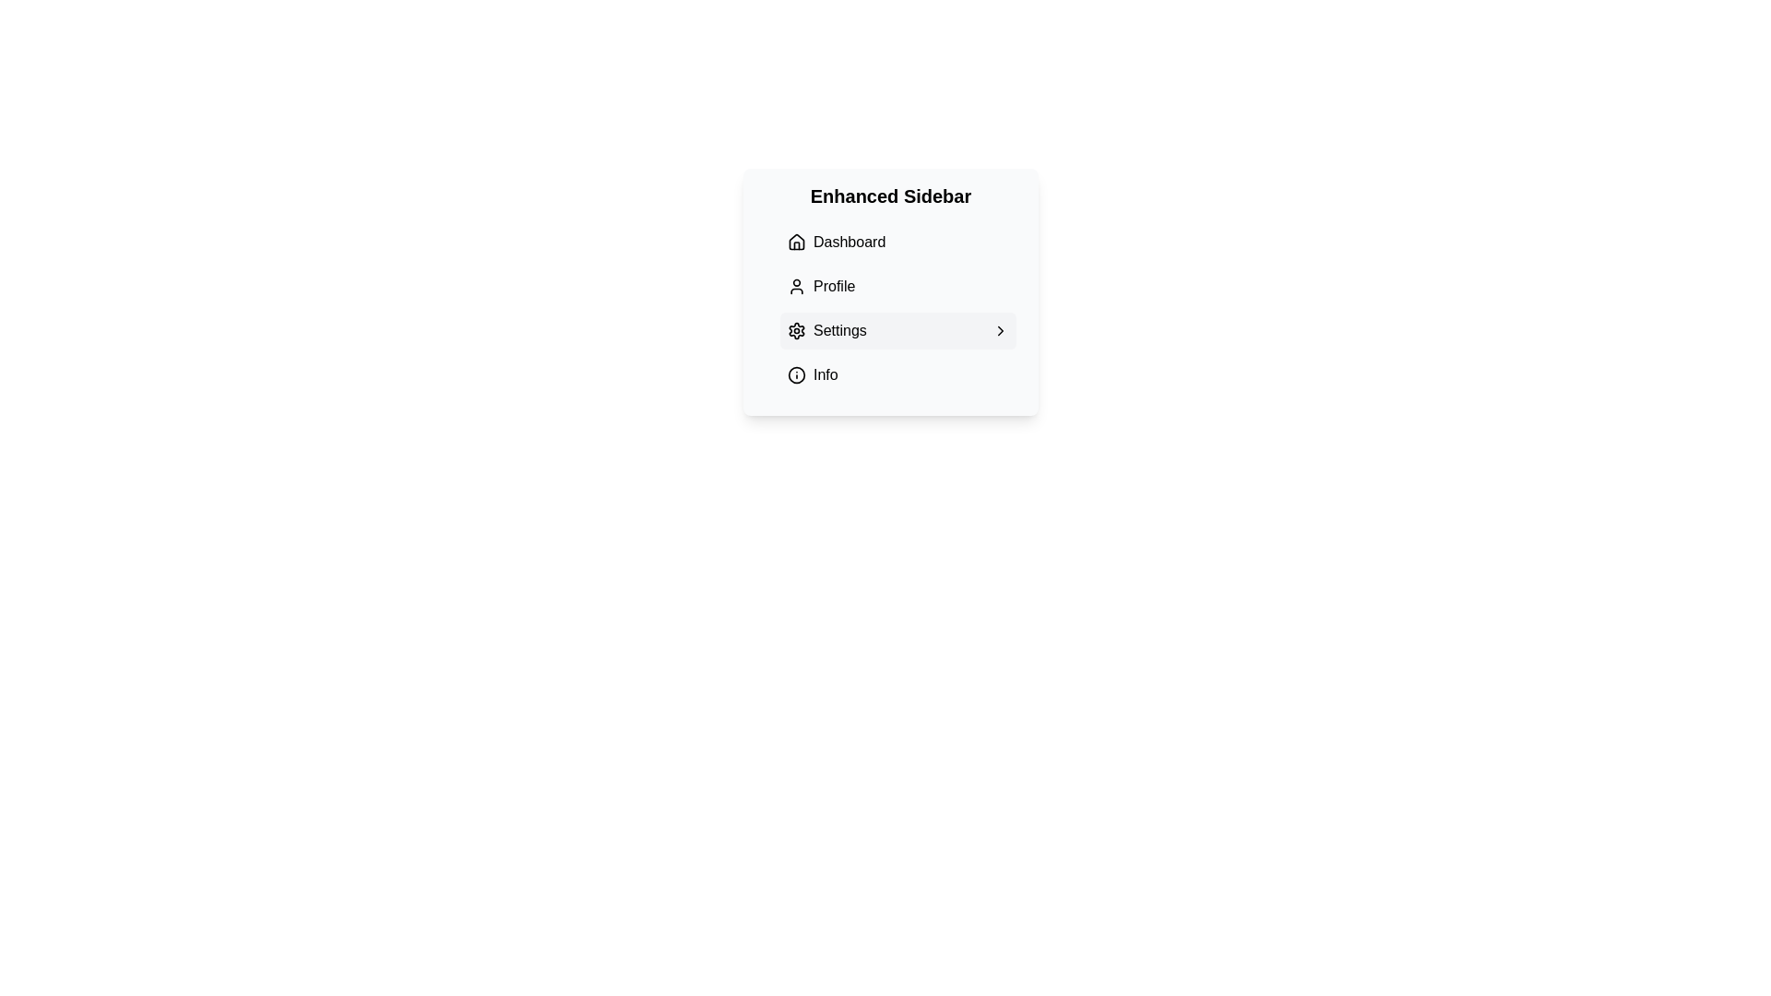 The height and width of the screenshot is (996, 1771). Describe the element at coordinates (826, 329) in the screenshot. I see `the third entry in the navigation menu, which is a Text label with an icon` at that location.